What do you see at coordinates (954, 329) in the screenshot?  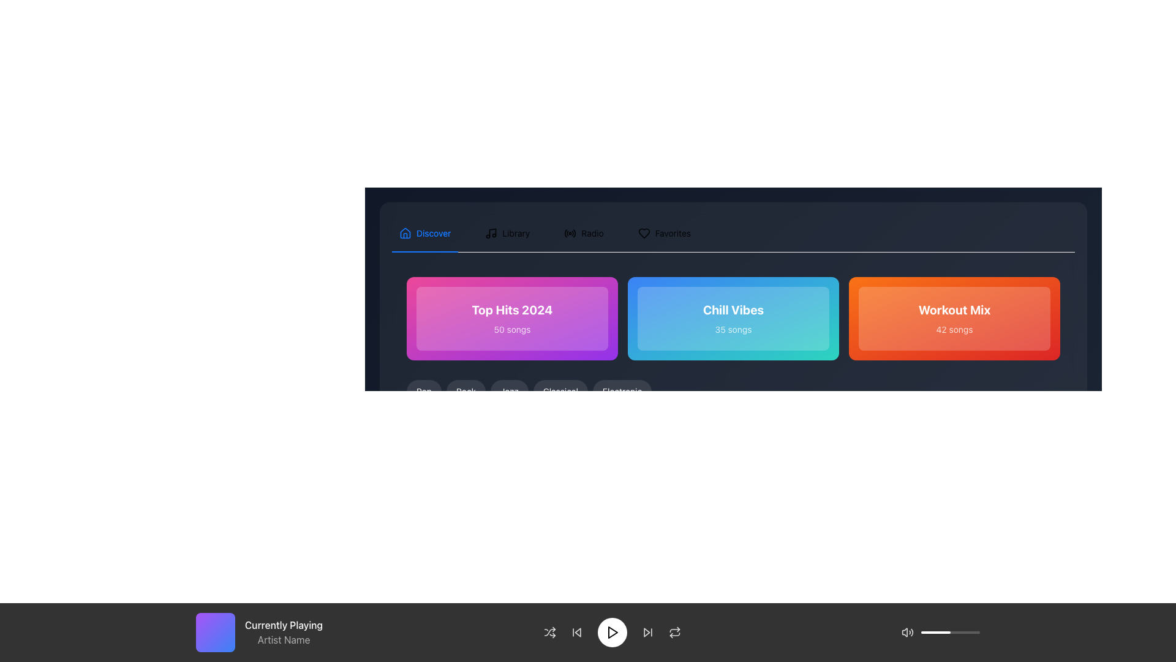 I see `the static text that informs users about the number of songs in the 'Workout Mix' playlist, which is centered horizontally below the 'Workout Mix' text` at bounding box center [954, 329].